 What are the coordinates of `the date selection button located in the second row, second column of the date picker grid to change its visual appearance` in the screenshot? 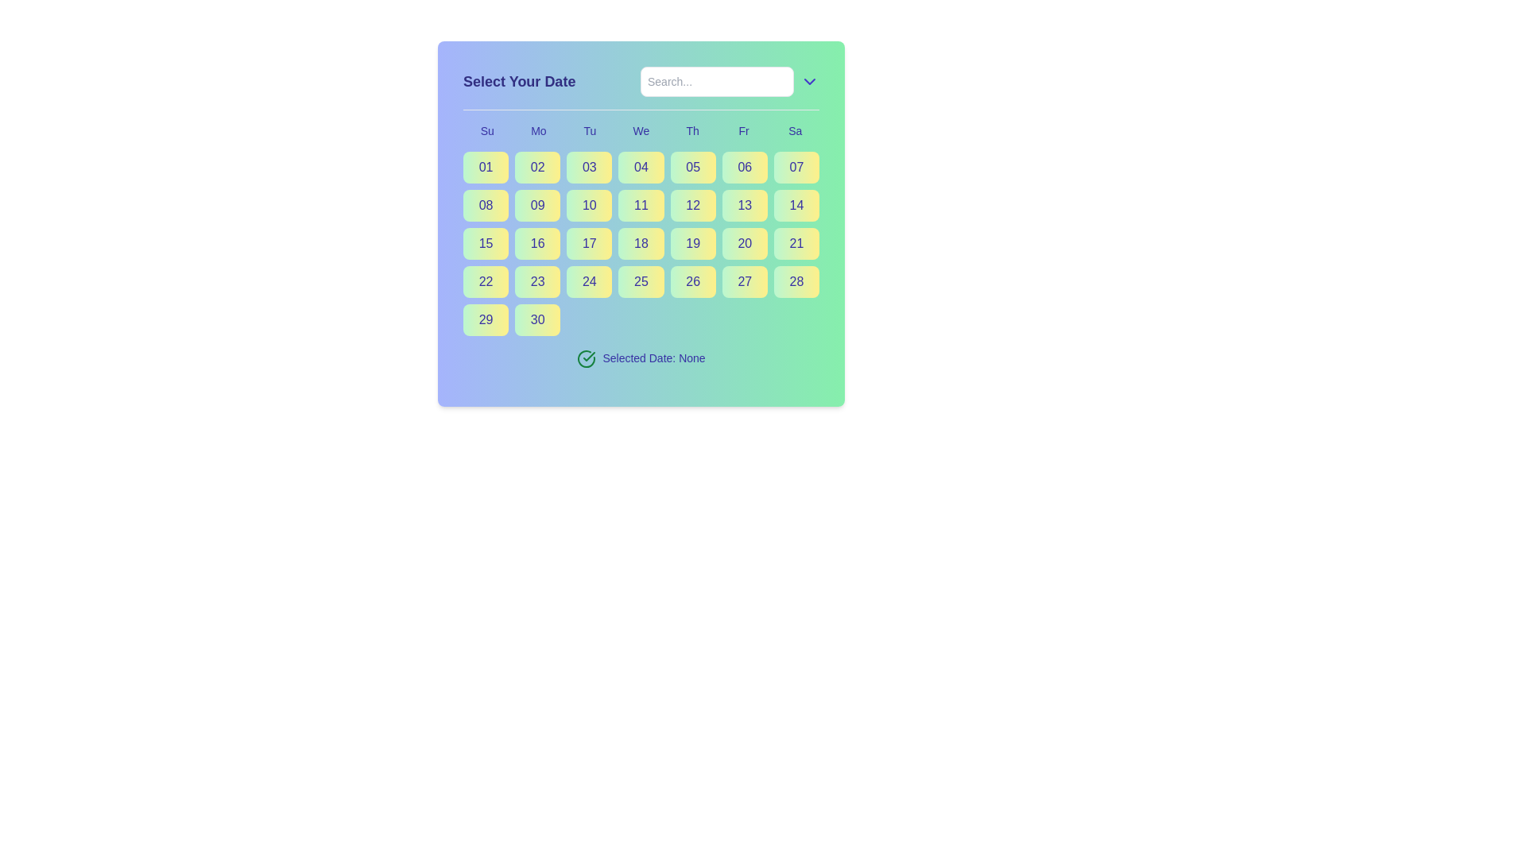 It's located at (537, 204).